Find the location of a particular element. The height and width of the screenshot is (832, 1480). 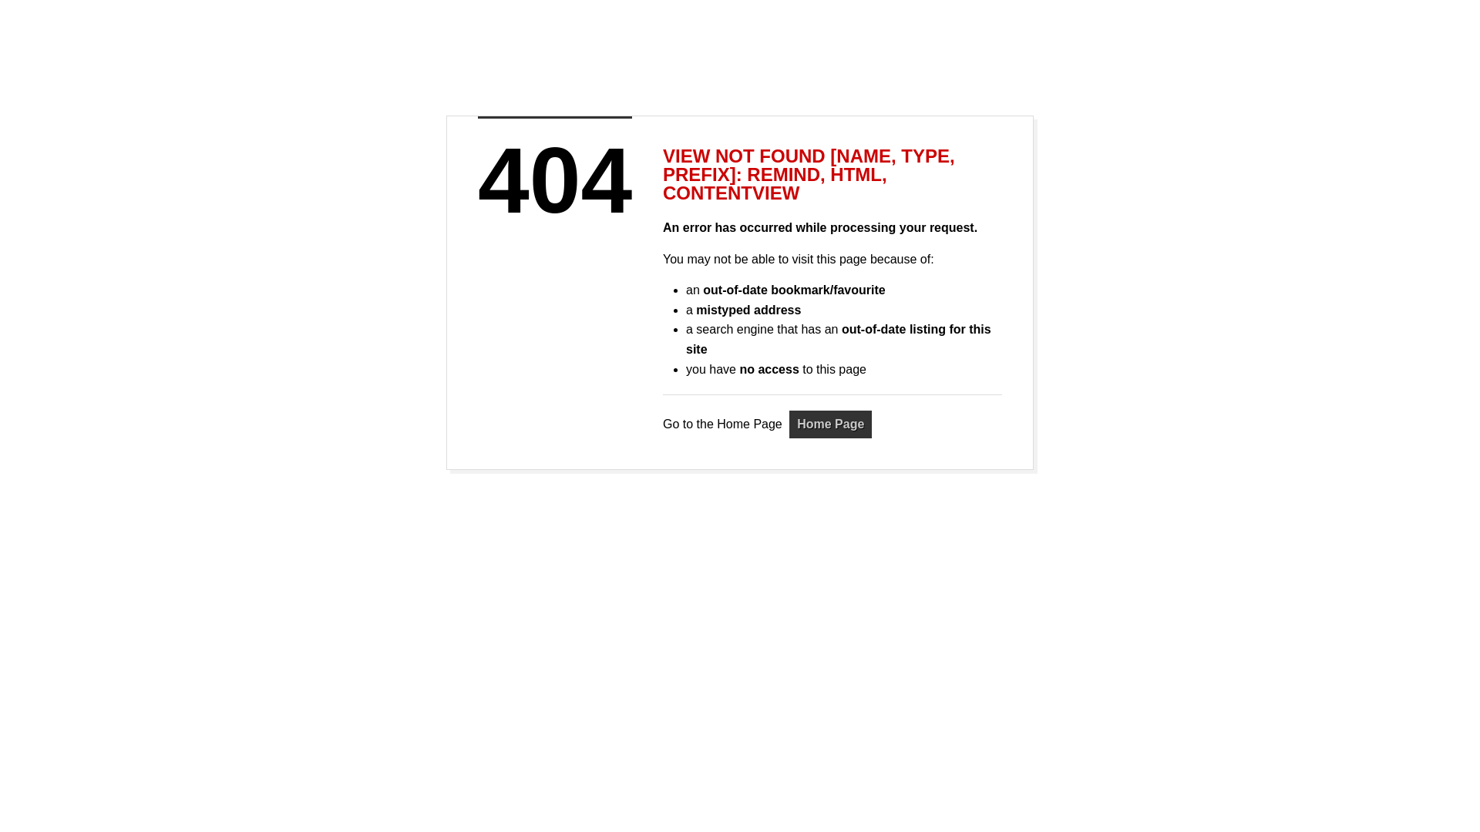

'Home Page' is located at coordinates (789, 424).